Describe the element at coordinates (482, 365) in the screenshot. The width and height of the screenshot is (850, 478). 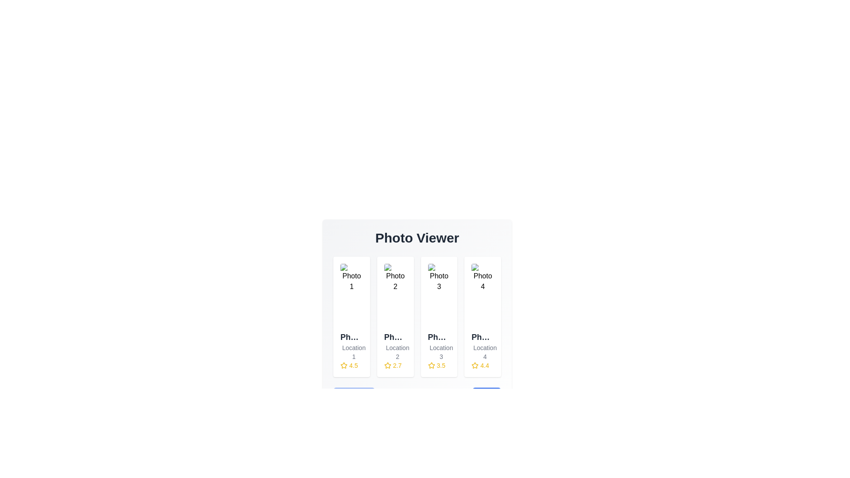
I see `the rating value displayed in the rating display element, which features a yellow star icon and the numeric text '4.4' below the 'Location 4' label` at that location.